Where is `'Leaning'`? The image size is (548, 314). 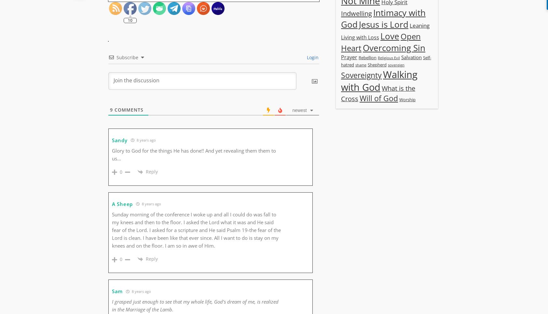
'Leaning' is located at coordinates (419, 25).